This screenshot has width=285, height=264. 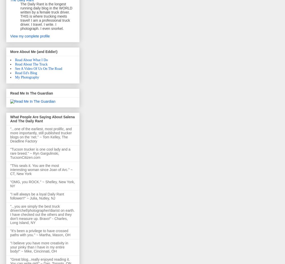 I want to click on '"This seals it. You are the most interesting woman since Joan of Arc." ~ CT, New York', so click(x=10, y=170).